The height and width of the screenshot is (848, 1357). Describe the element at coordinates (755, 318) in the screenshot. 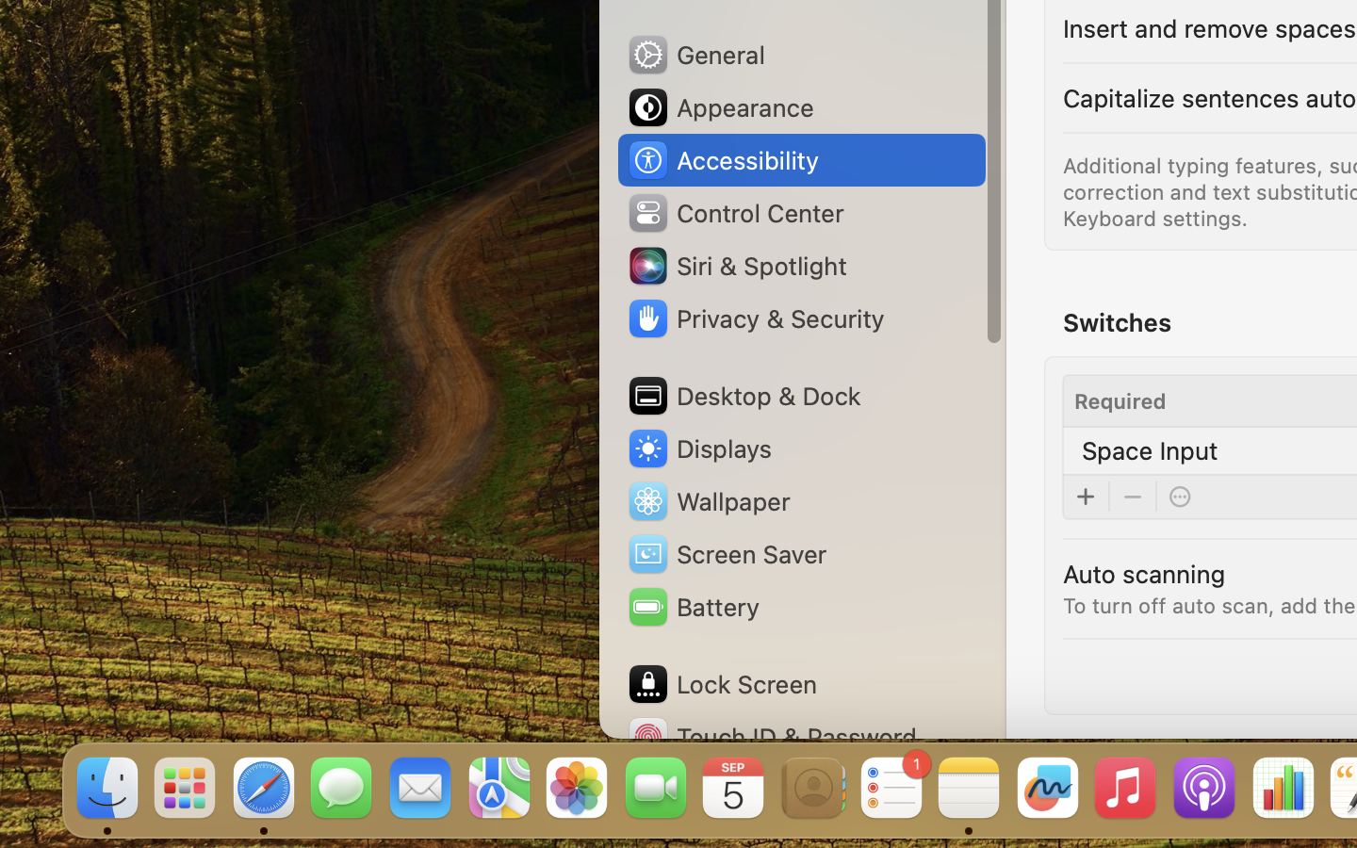

I see `'Privacy & Security'` at that location.